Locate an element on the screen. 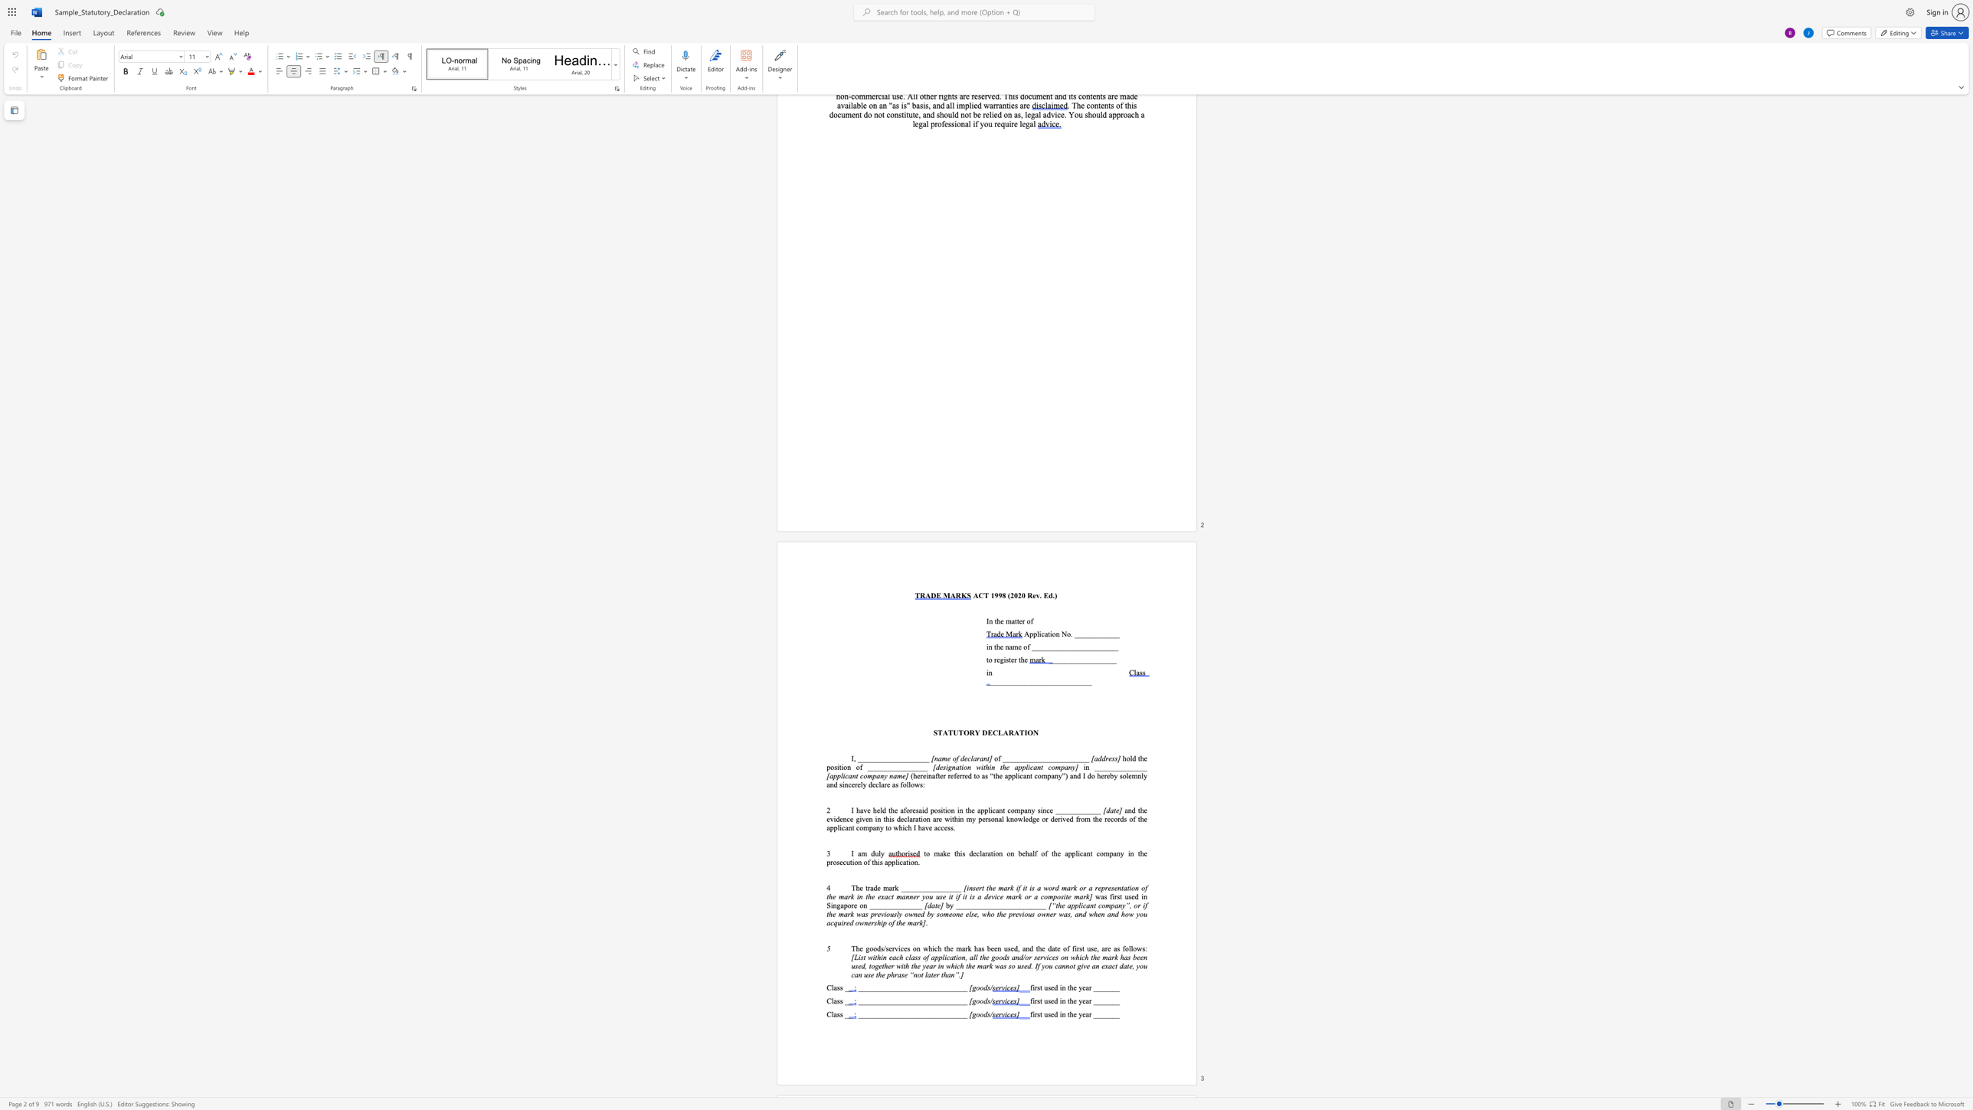  the subset text "_______________" within the text "_____________________________" is located at coordinates (911, 1014).